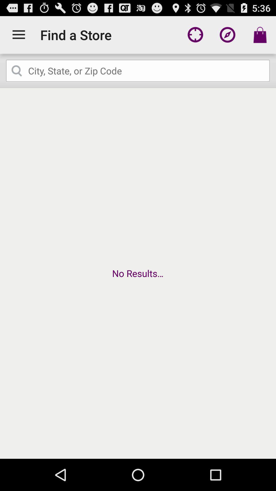 The image size is (276, 491). What do you see at coordinates (138, 71) in the screenshot?
I see `your city and state or zip code` at bounding box center [138, 71].